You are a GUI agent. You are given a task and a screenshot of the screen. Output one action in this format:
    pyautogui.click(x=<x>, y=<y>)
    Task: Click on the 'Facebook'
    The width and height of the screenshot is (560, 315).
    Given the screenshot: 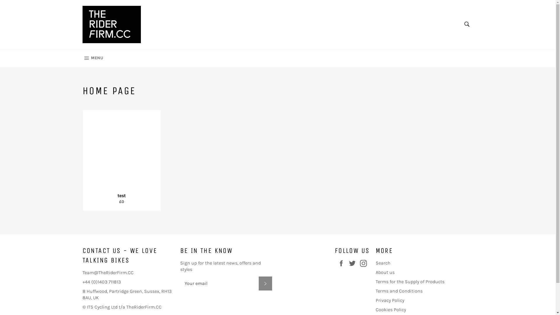 What is the action you would take?
    pyautogui.click(x=343, y=263)
    